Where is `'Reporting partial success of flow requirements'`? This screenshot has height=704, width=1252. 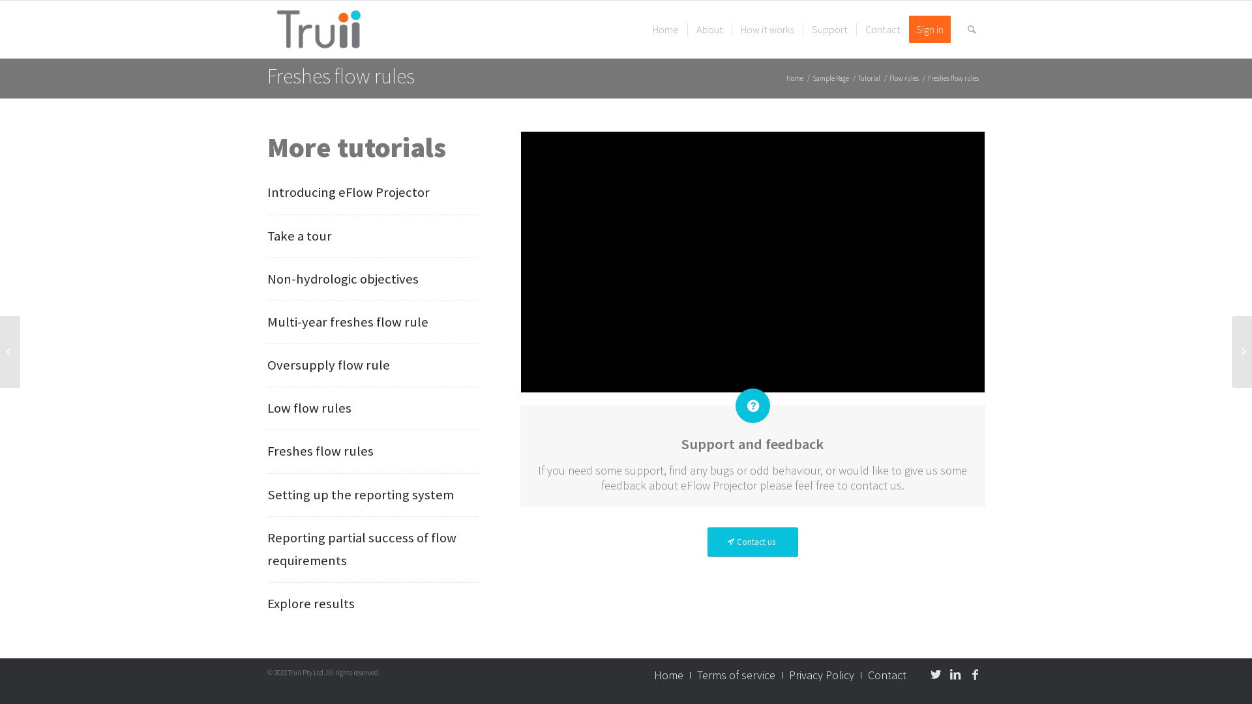
'Reporting partial success of flow requirements' is located at coordinates (362, 549).